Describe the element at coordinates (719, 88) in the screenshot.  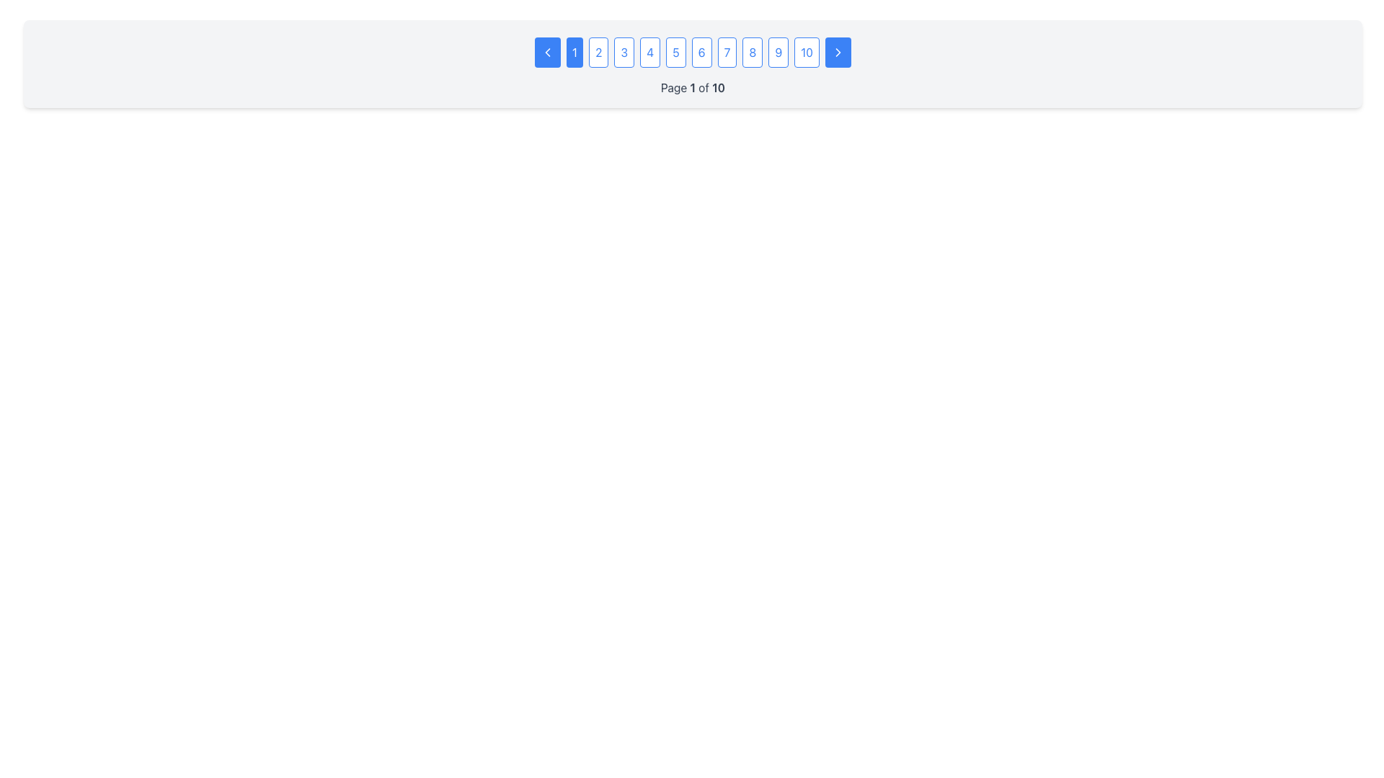
I see `text displayed in the bold font style '10' located in the pagination component at the bottom of the interface` at that location.